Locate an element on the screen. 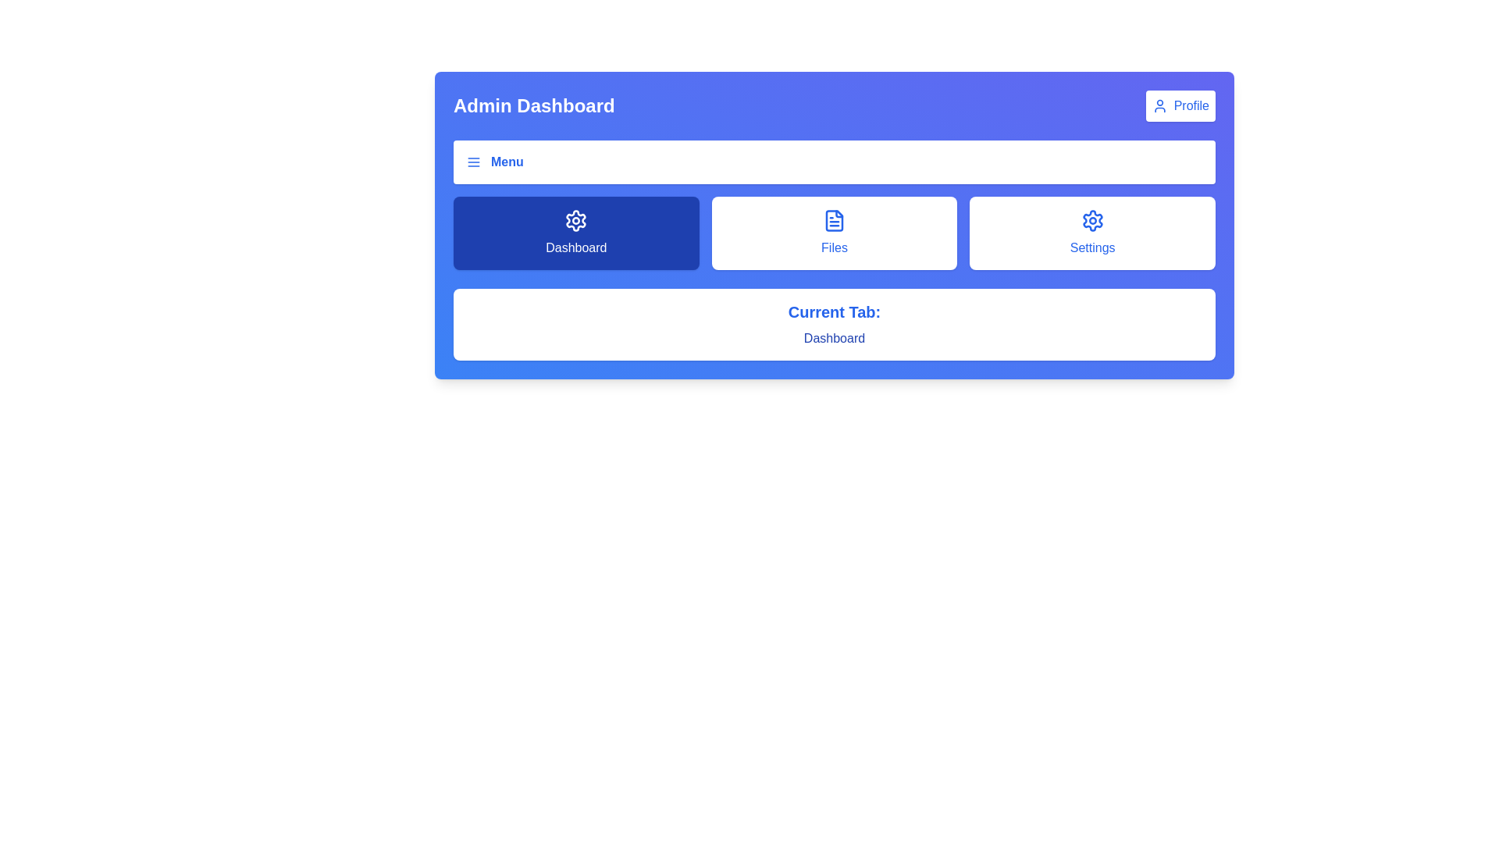 This screenshot has width=1499, height=843. the blue gear-shaped icon located in the 'Settings' section to activate hover effects is located at coordinates (1091, 220).